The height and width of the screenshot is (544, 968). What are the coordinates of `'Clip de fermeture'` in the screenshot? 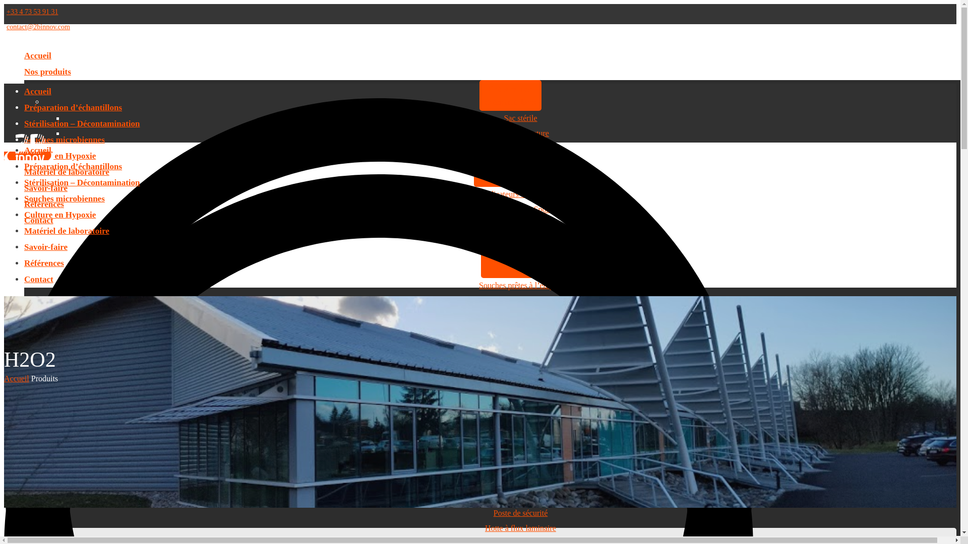 It's located at (520, 132).